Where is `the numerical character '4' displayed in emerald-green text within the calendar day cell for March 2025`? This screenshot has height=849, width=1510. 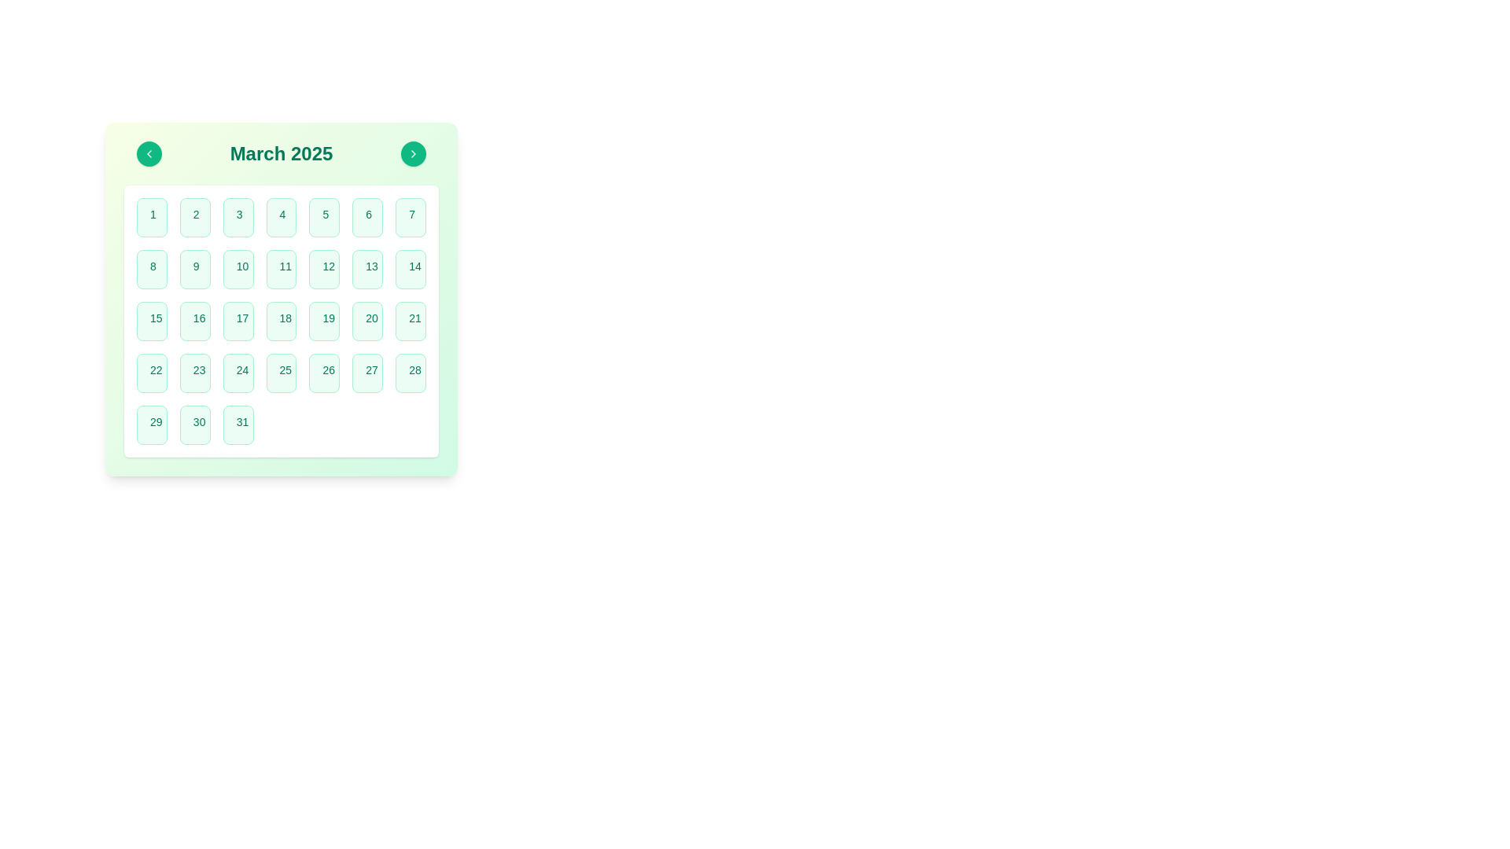
the numerical character '4' displayed in emerald-green text within the calendar day cell for March 2025 is located at coordinates (282, 215).